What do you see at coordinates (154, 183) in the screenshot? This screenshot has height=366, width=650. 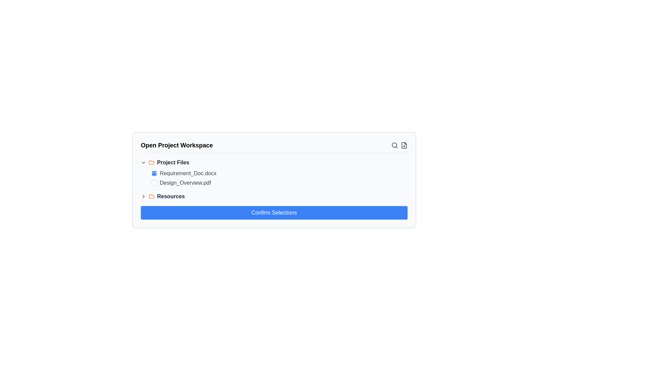 I see `the checkbox component located to the left of the file name 'Design_Overview.pdf' in the file list` at bounding box center [154, 183].